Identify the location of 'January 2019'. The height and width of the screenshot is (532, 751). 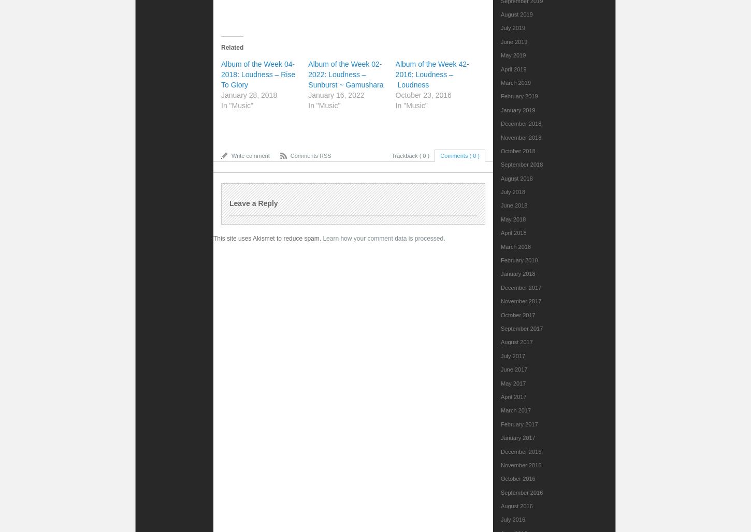
(518, 109).